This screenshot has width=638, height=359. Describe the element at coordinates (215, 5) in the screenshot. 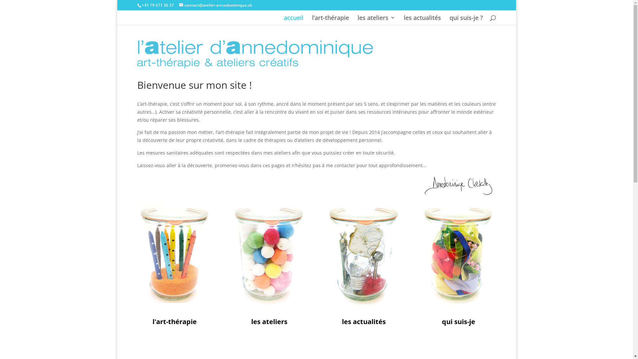

I see `'contact@atelier-annedominique.ch'` at that location.